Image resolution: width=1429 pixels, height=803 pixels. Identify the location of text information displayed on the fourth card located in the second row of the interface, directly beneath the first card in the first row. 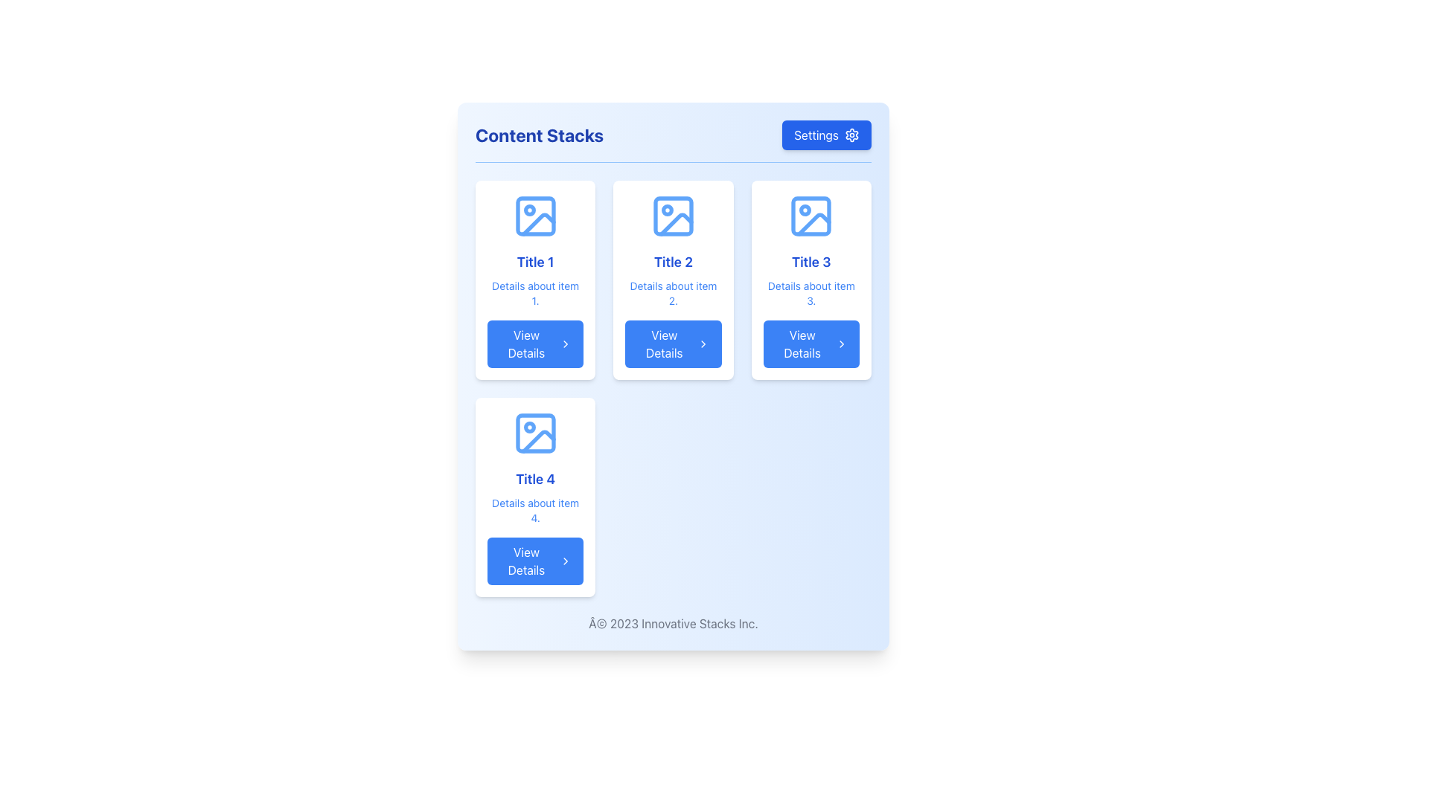
(535, 497).